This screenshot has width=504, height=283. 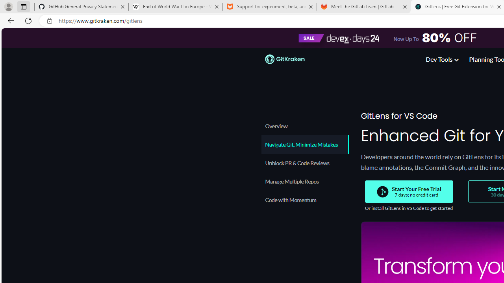 What do you see at coordinates (82, 7) in the screenshot?
I see `'GitHub General Privacy Statement - GitHub Docs'` at bounding box center [82, 7].